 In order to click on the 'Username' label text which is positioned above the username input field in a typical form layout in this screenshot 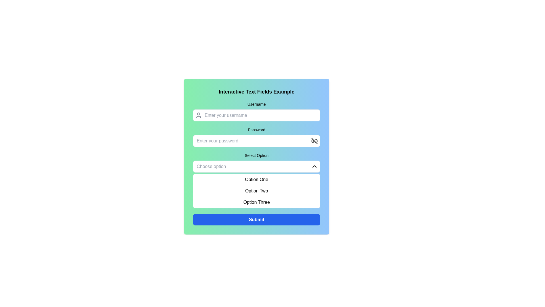, I will do `click(256, 104)`.